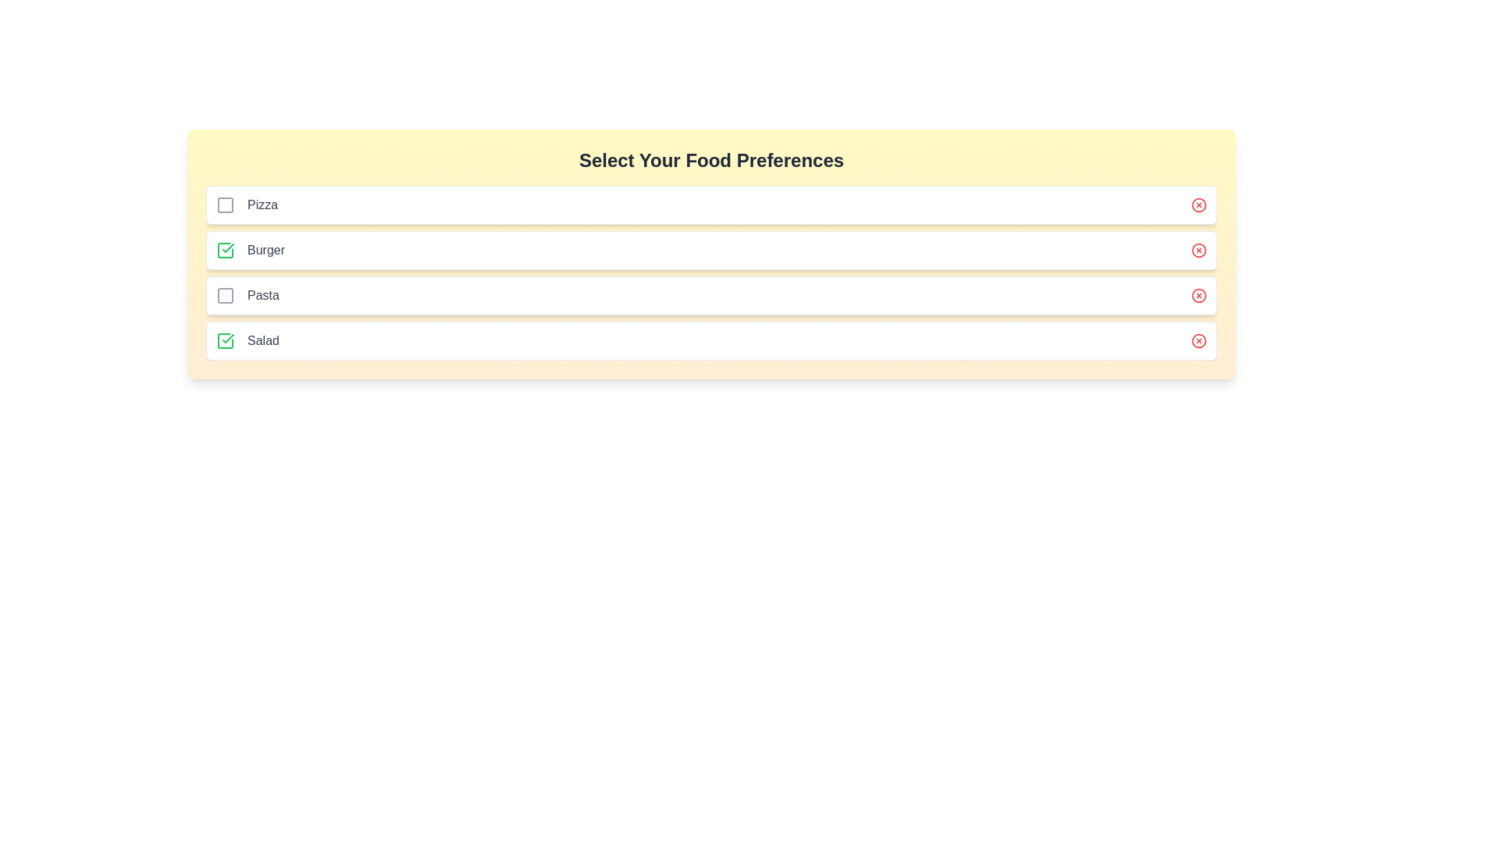  Describe the element at coordinates (1198, 249) in the screenshot. I see `the encompassing close icon represented by a red circular graphical component located towards the right end of the second row under 'Select Your Food Preferences'` at that location.